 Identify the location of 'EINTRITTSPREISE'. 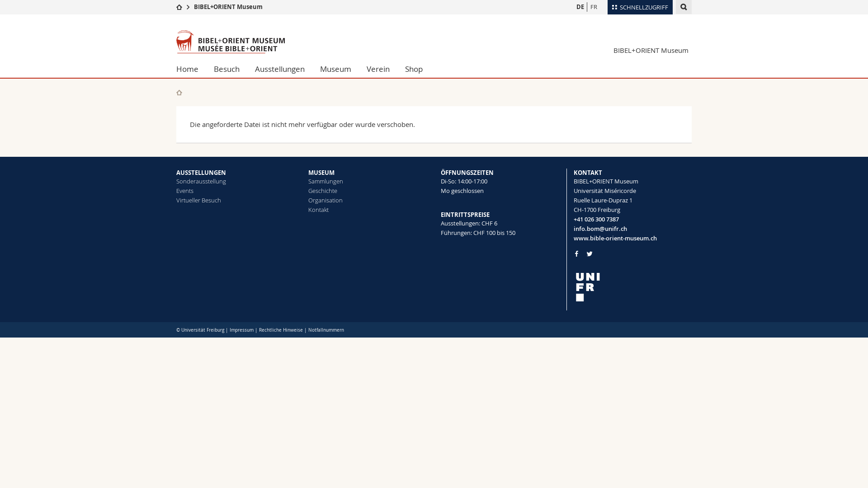
(440, 214).